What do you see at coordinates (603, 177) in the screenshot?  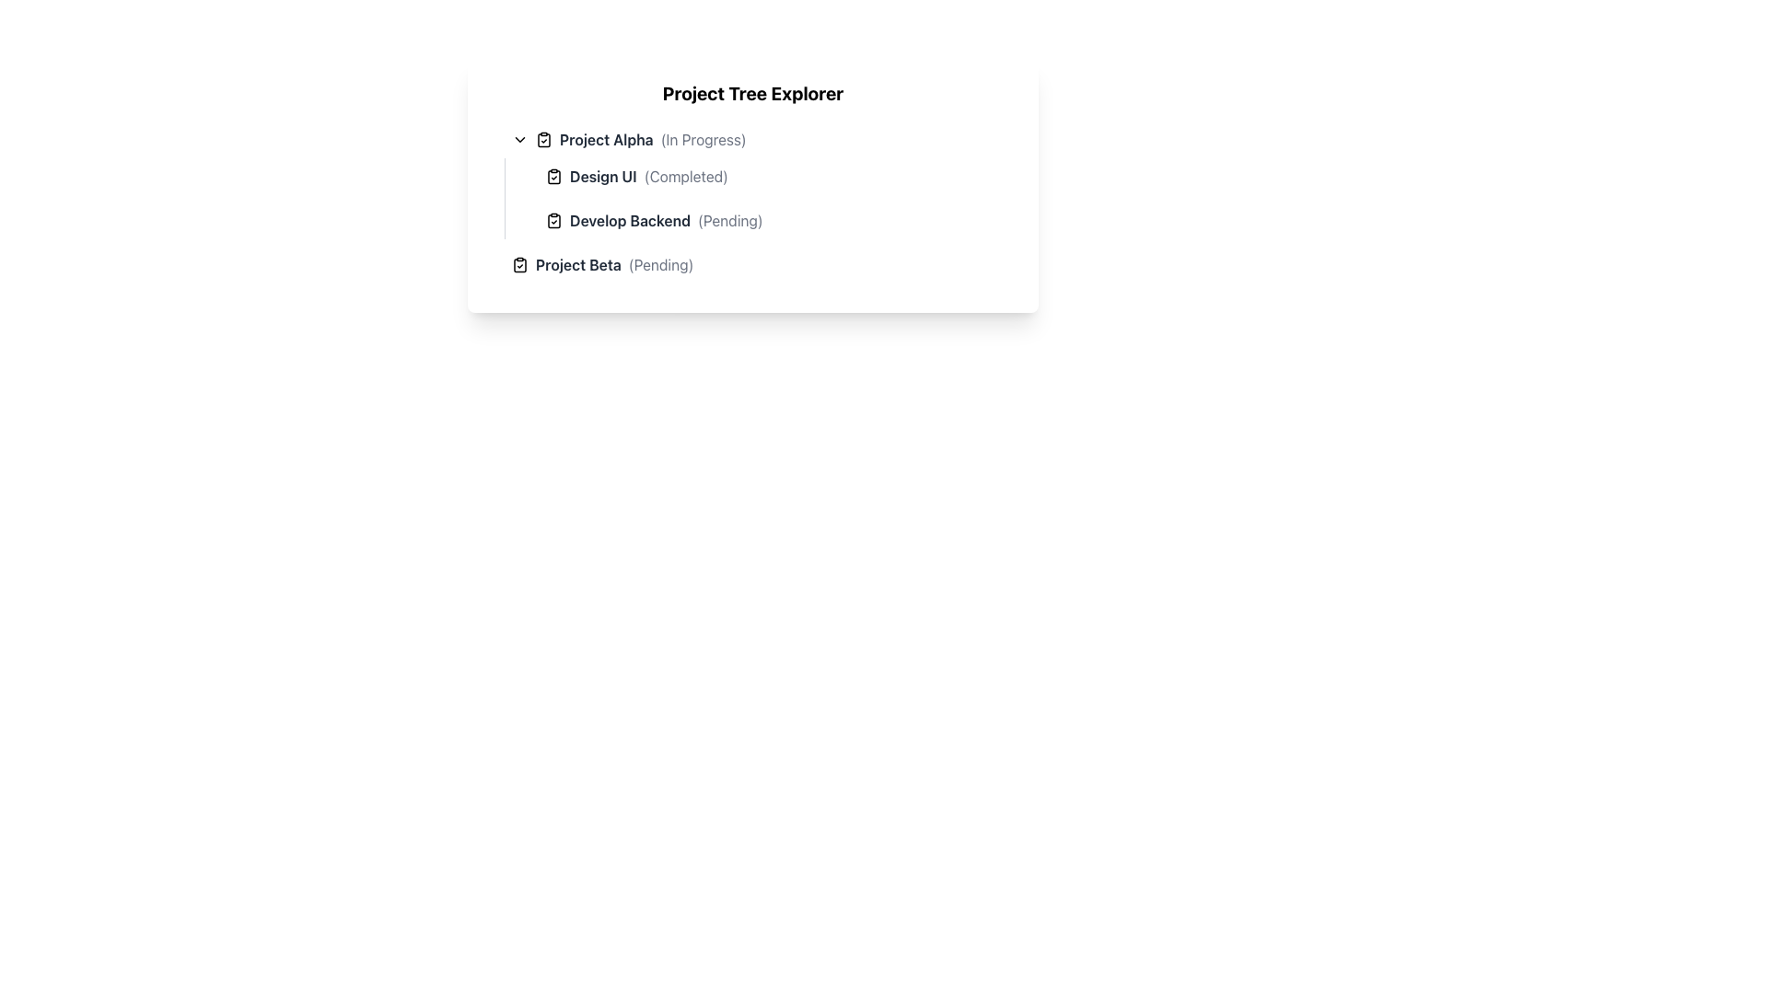 I see `the 'Design UI' text label indicating its completion status with '(Completed)' under the 'Project Alpha' section` at bounding box center [603, 177].